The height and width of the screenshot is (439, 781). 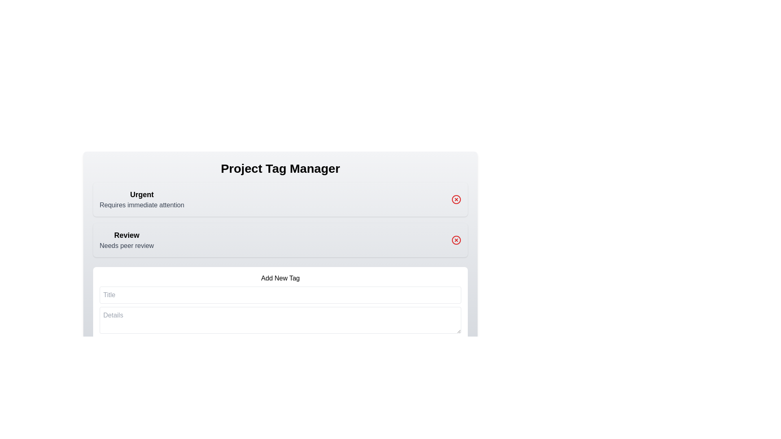 What do you see at coordinates (126, 246) in the screenshot?
I see `status information from the text label that reads 'Needs peer review', which is positioned below the 'Review' label in the panel` at bounding box center [126, 246].